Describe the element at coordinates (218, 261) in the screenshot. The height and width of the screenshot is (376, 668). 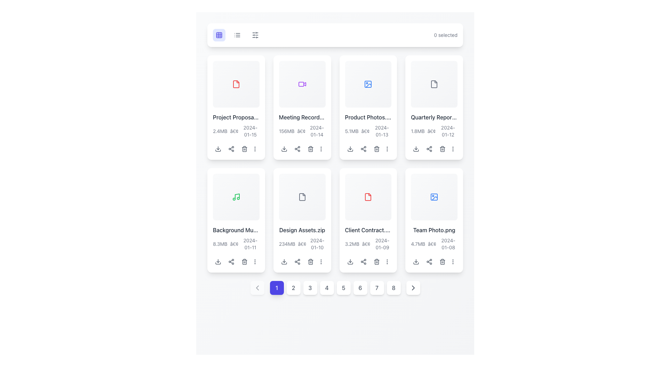
I see `the download icon located at the bottom of the 'Background Music.mp3' card to initiate a download action` at that location.